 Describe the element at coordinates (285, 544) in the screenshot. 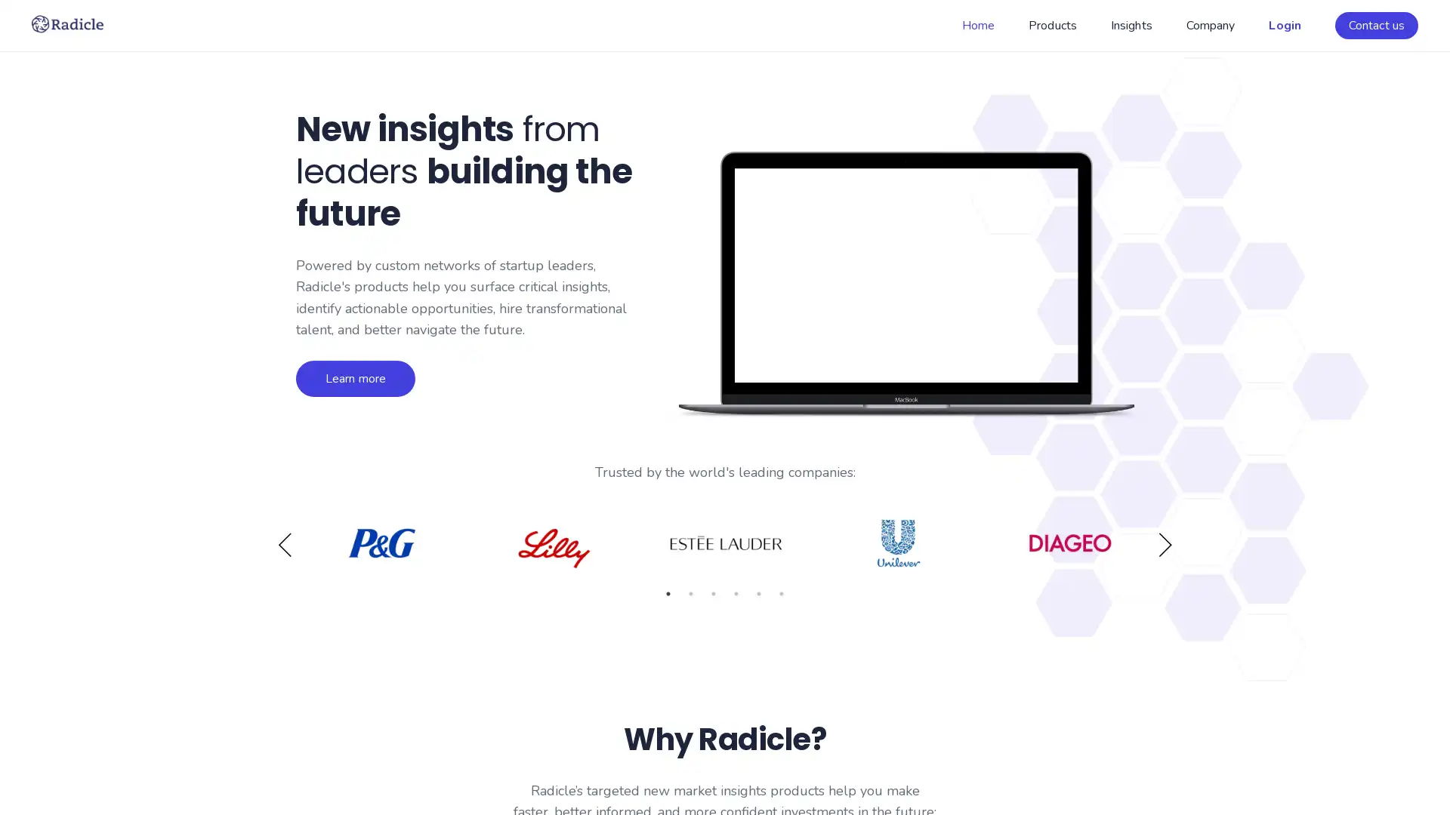

I see `prev` at that location.